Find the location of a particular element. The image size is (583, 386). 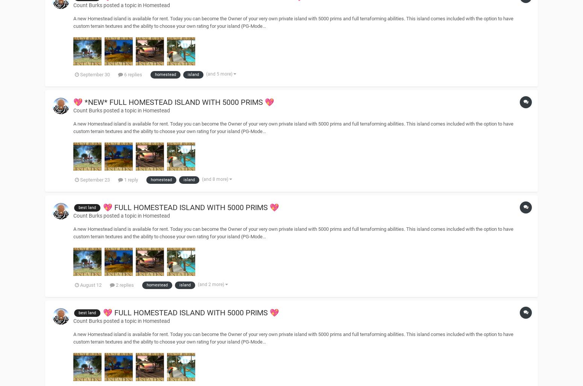

'(and 5 more)' is located at coordinates (206, 73).